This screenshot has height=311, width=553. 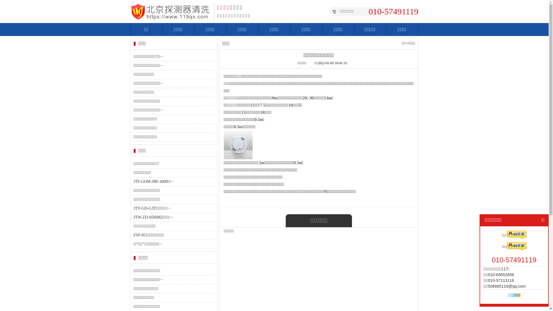 I want to click on '1641353643611577.jpg', so click(x=238, y=144).